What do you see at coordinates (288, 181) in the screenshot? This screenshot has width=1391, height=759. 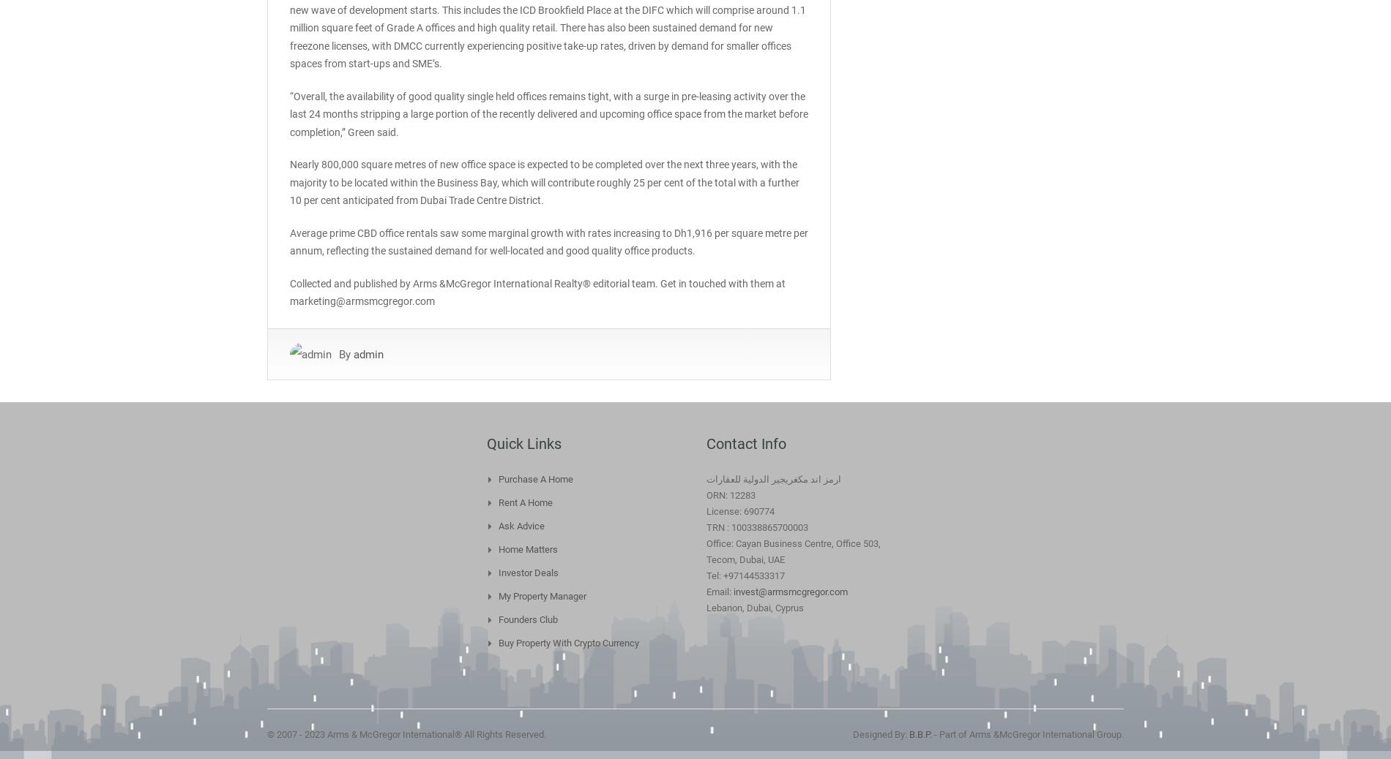 I see `'Nearly 800,000 square metres of new office space is expected to be completed over the next three years, with the majority to be located within the Business Bay, which will contribute roughly 25 per cent of the total with a further 10 per cent anticipated from Dubai Trade Centre District.'` at bounding box center [288, 181].